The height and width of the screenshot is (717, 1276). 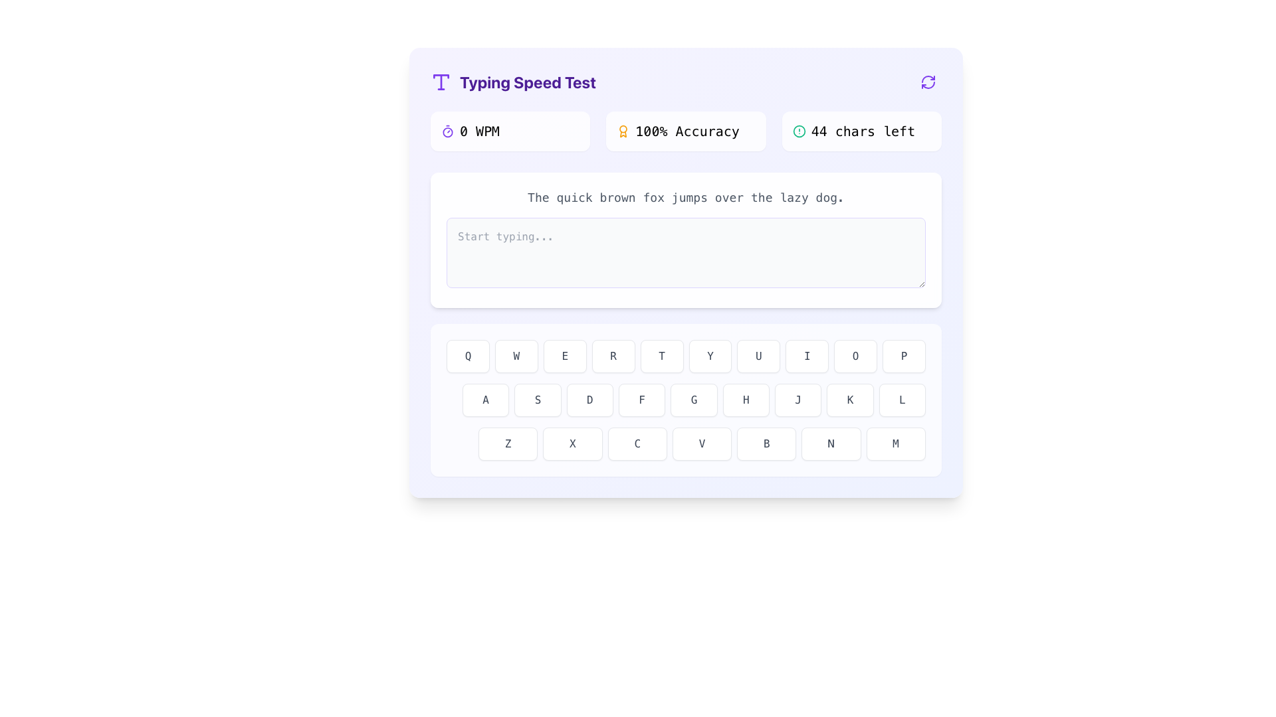 What do you see at coordinates (746, 399) in the screenshot?
I see `the interactive key for the letter 'H' in the virtual keyboard` at bounding box center [746, 399].